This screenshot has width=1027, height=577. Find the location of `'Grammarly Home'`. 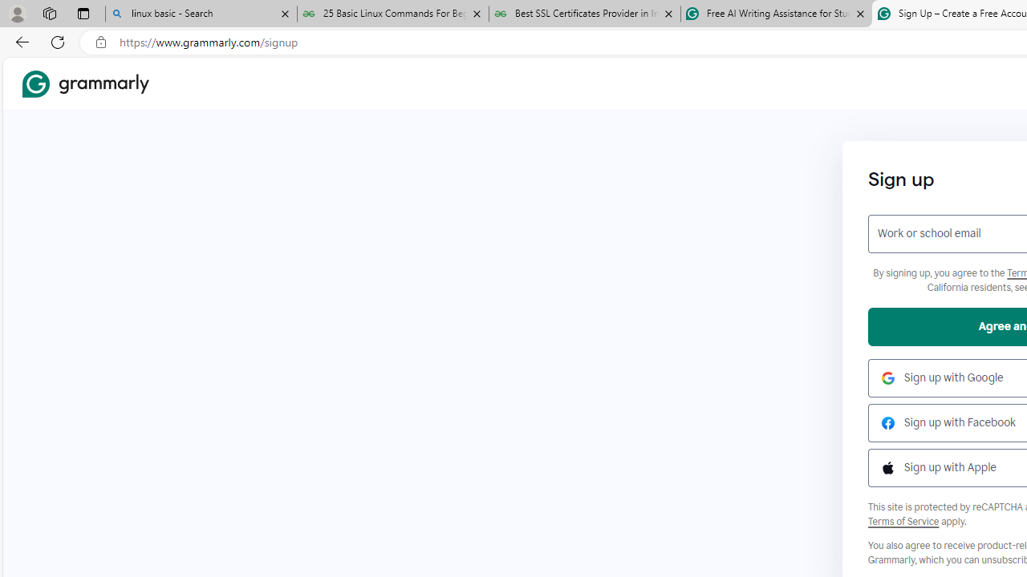

'Grammarly Home' is located at coordinates (84, 83).